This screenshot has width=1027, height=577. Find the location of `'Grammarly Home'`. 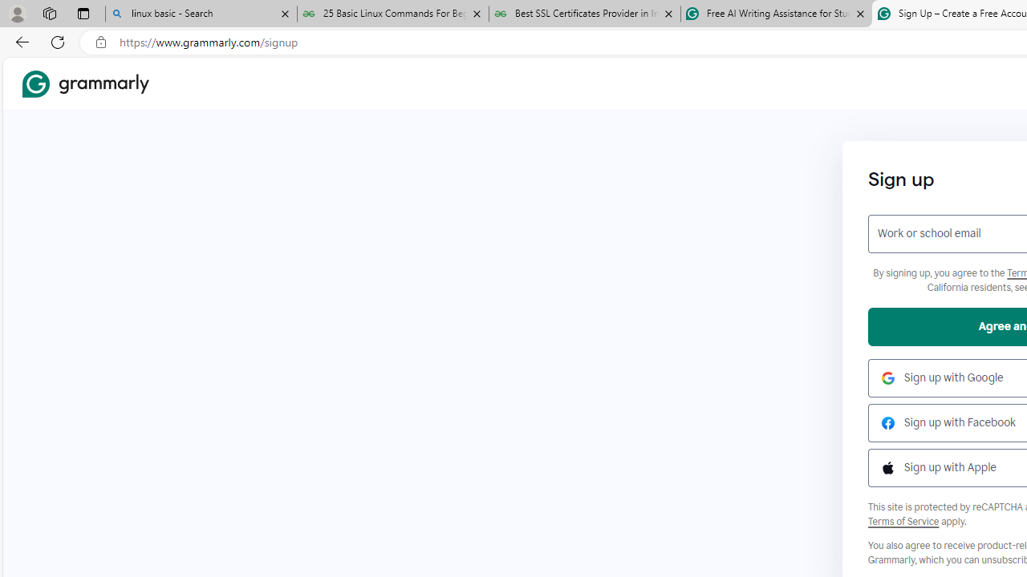

'Grammarly Home' is located at coordinates (84, 83).